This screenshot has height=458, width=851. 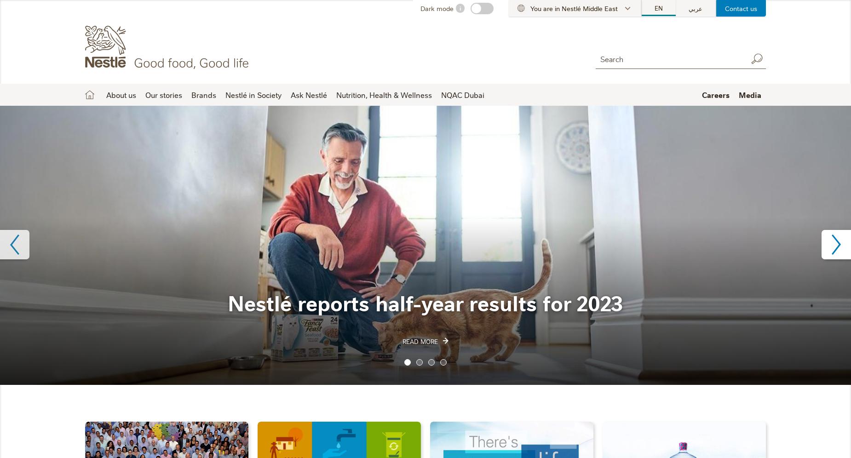 I want to click on 'About us', so click(x=121, y=94).